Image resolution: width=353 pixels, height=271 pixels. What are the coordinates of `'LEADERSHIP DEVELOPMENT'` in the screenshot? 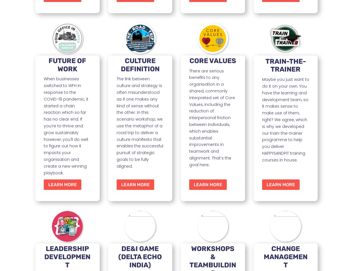 It's located at (67, 256).